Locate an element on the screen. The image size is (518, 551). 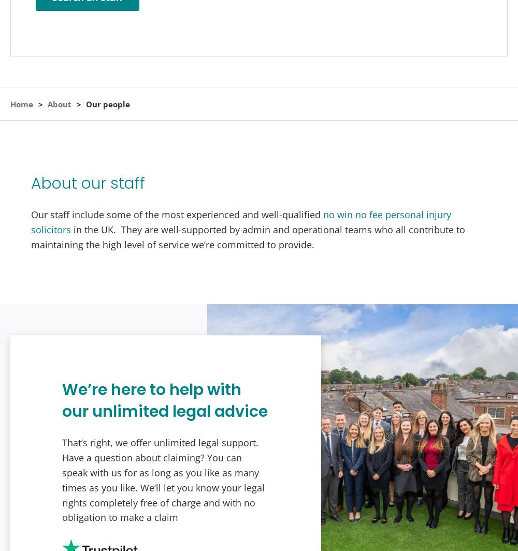
'That’s right, we offer unlimited legal support. Have a question about claiming? You can speak with us for as long as you like as many times as you like. We’ll let you know your legal rights completely free of charge and with no obligation to make a claim' is located at coordinates (163, 479).